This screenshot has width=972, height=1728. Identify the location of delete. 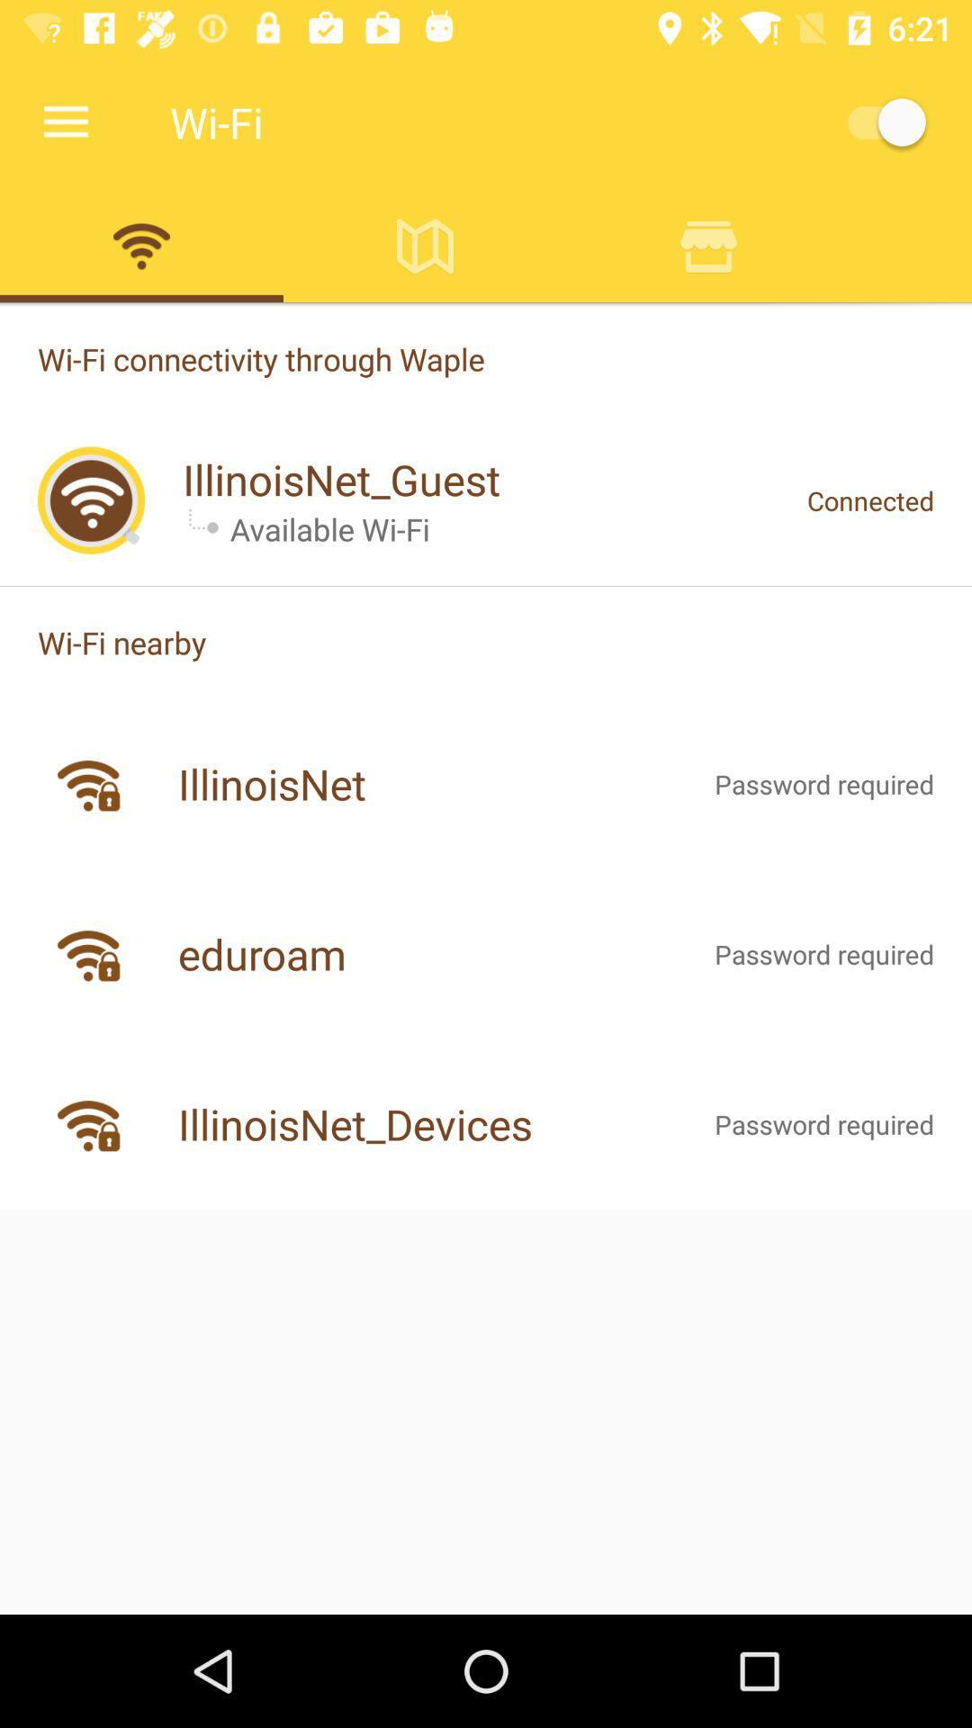
(707, 245).